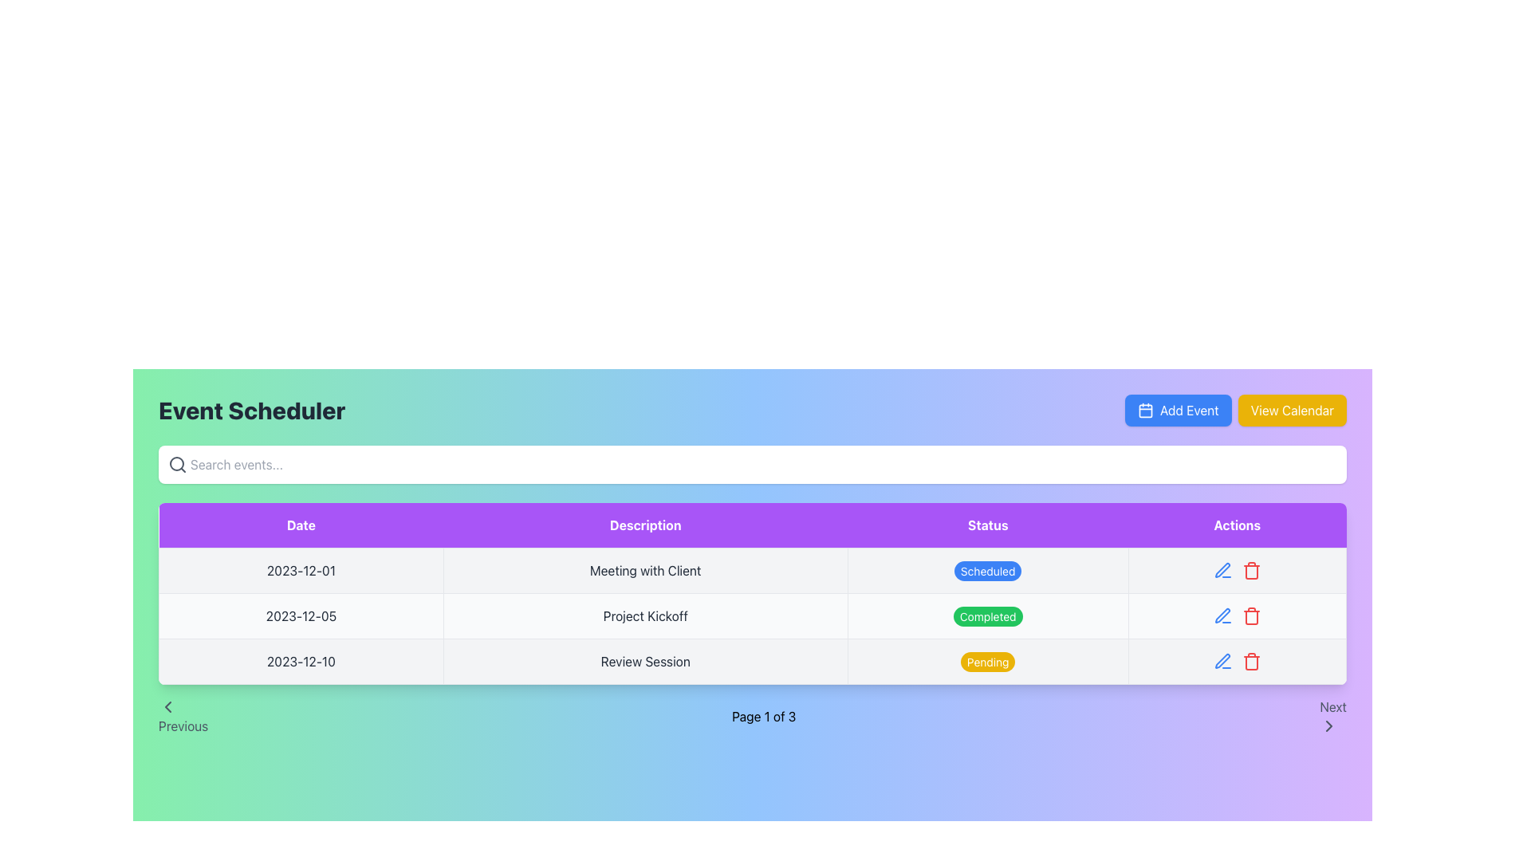 The height and width of the screenshot is (861, 1531). Describe the element at coordinates (645, 525) in the screenshot. I see `the second column header in the table that describes the contents of the 'Description' field, located between the 'Date' and 'Status' columns` at that location.